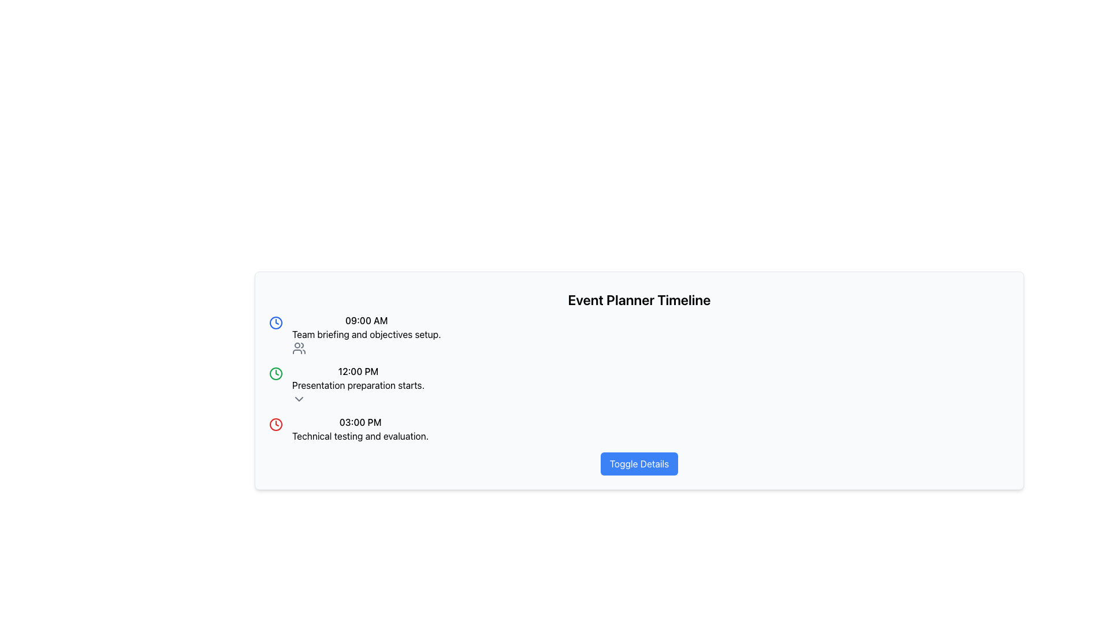 The height and width of the screenshot is (624, 1109). Describe the element at coordinates (358, 385) in the screenshot. I see `the static text displaying 'Presentation preparation starts.' which is positioned directly below '12:00 PM' in the timeline interface` at that location.